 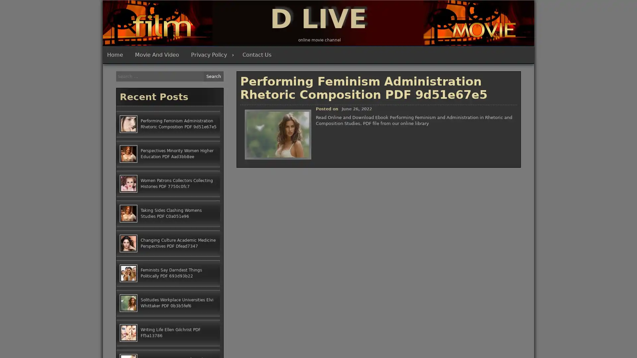 What do you see at coordinates (213, 76) in the screenshot?
I see `Search` at bounding box center [213, 76].